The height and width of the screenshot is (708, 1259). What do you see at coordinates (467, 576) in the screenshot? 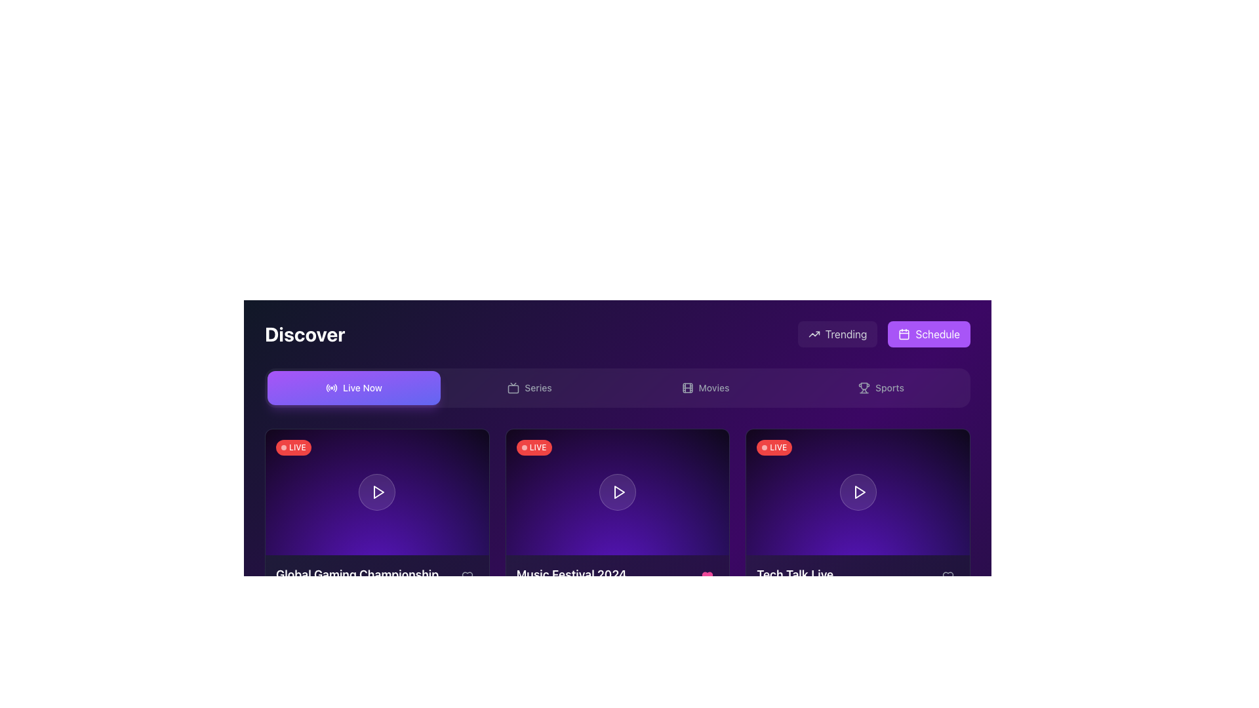
I see `the heart icon located in the bottom-right corner of the 'Music Festival 2024' card to favorite or like the content` at bounding box center [467, 576].